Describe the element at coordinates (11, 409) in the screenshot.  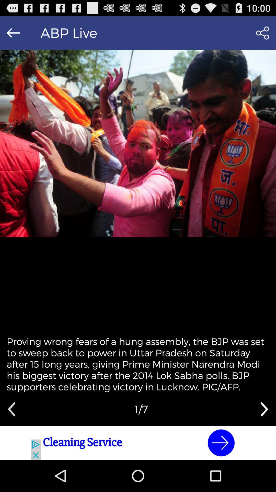
I see `go back` at that location.